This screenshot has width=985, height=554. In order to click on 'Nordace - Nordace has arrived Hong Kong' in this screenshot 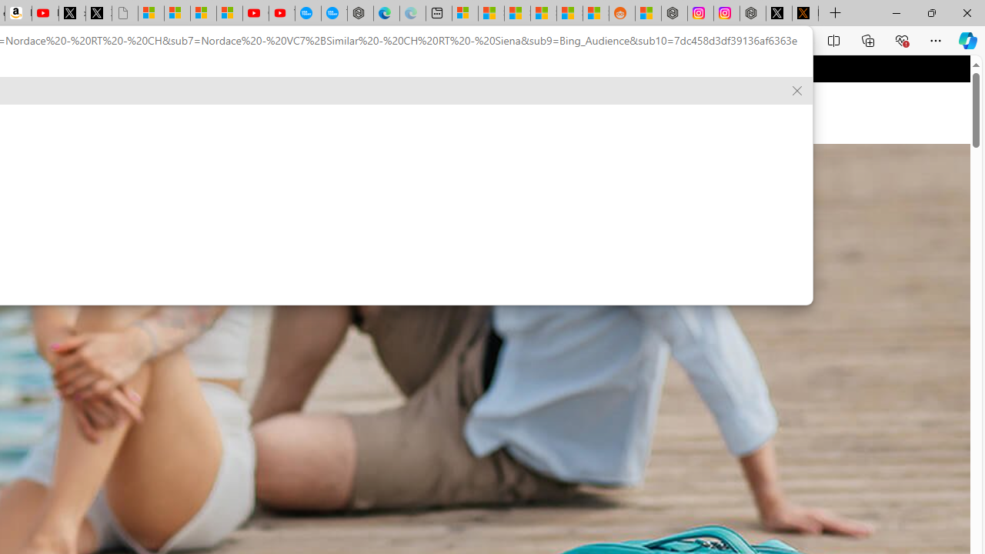, I will do `click(359, 13)`.